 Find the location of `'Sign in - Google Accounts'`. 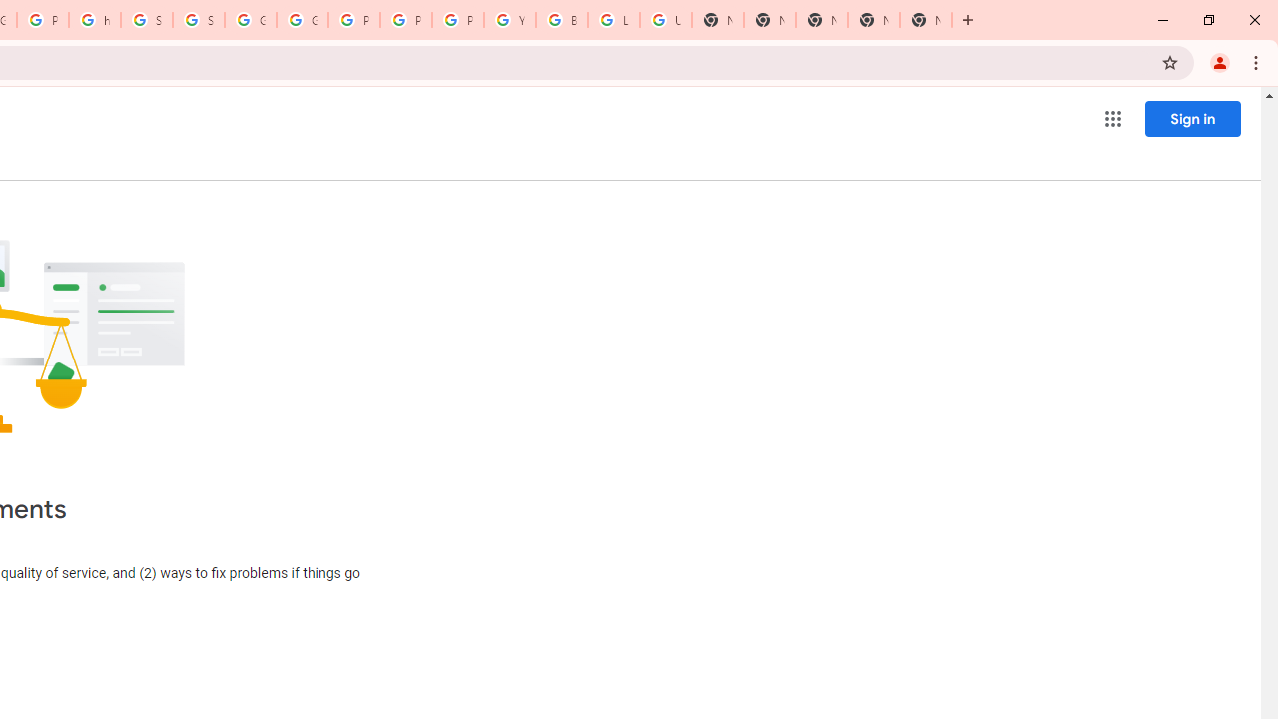

'Sign in - Google Accounts' is located at coordinates (146, 20).